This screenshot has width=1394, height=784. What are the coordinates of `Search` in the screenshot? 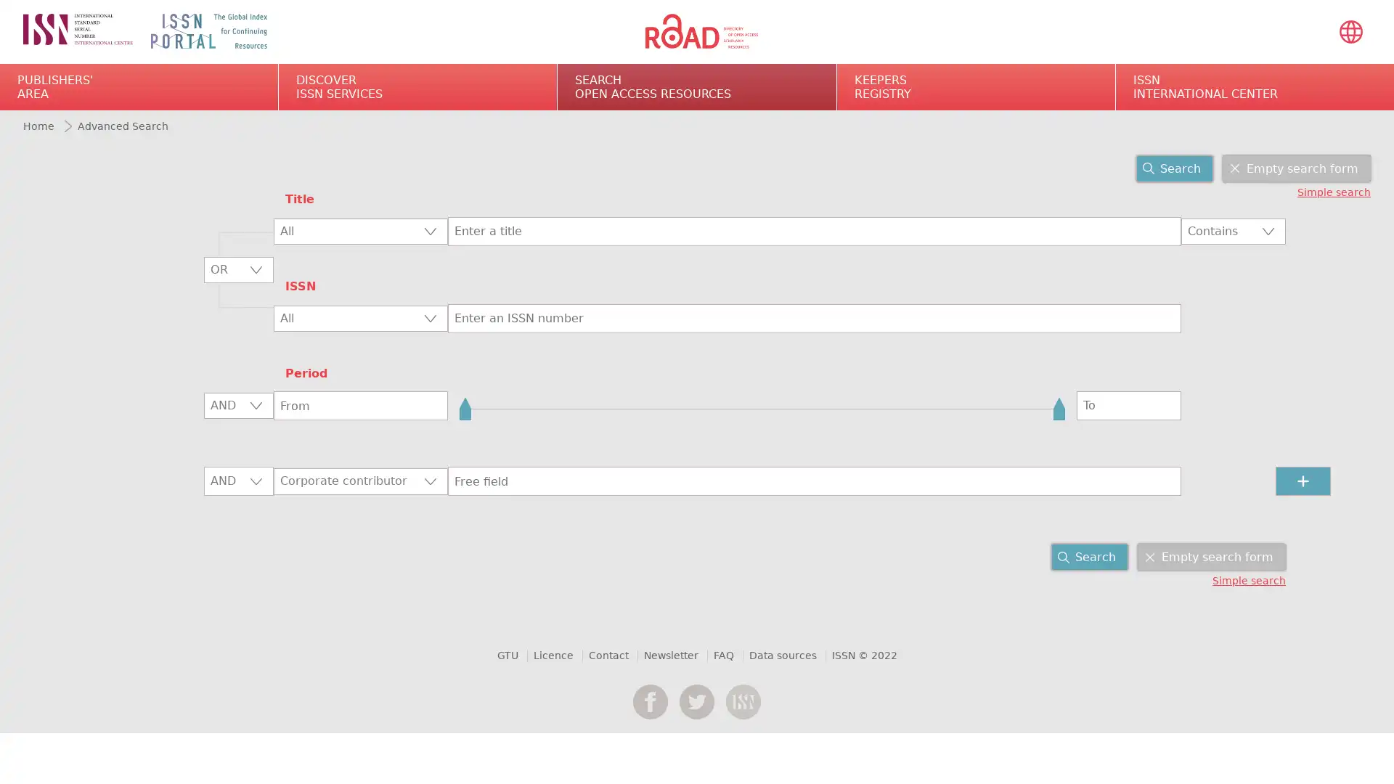 It's located at (1090, 556).